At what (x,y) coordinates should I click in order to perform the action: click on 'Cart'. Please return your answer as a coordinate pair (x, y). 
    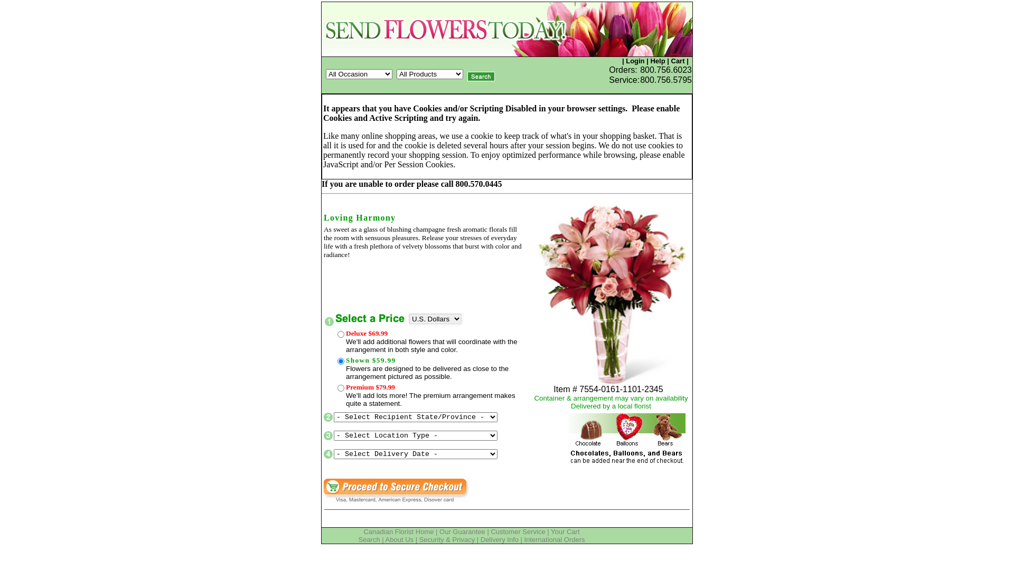
    Looking at the image, I should click on (677, 61).